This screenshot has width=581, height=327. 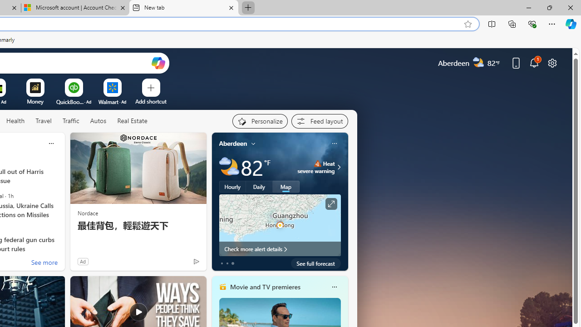 I want to click on 'Health', so click(x=15, y=121).